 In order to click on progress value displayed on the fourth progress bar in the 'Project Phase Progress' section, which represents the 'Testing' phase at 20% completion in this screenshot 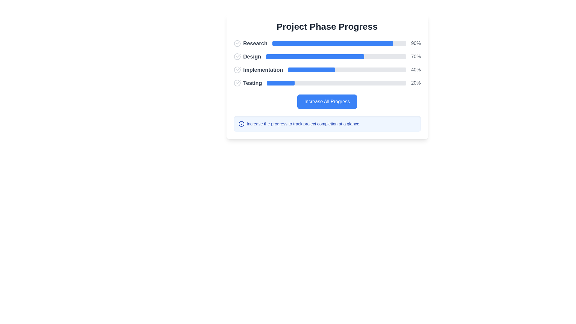, I will do `click(327, 83)`.